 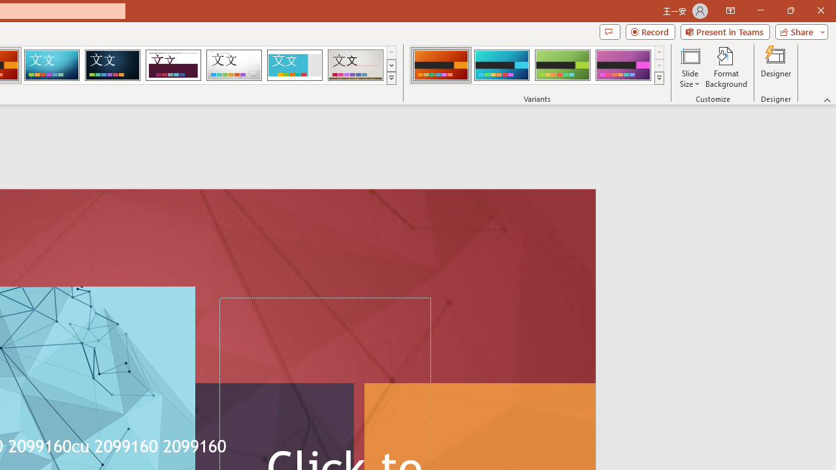 I want to click on 'Berlin Variant 1', so click(x=441, y=65).